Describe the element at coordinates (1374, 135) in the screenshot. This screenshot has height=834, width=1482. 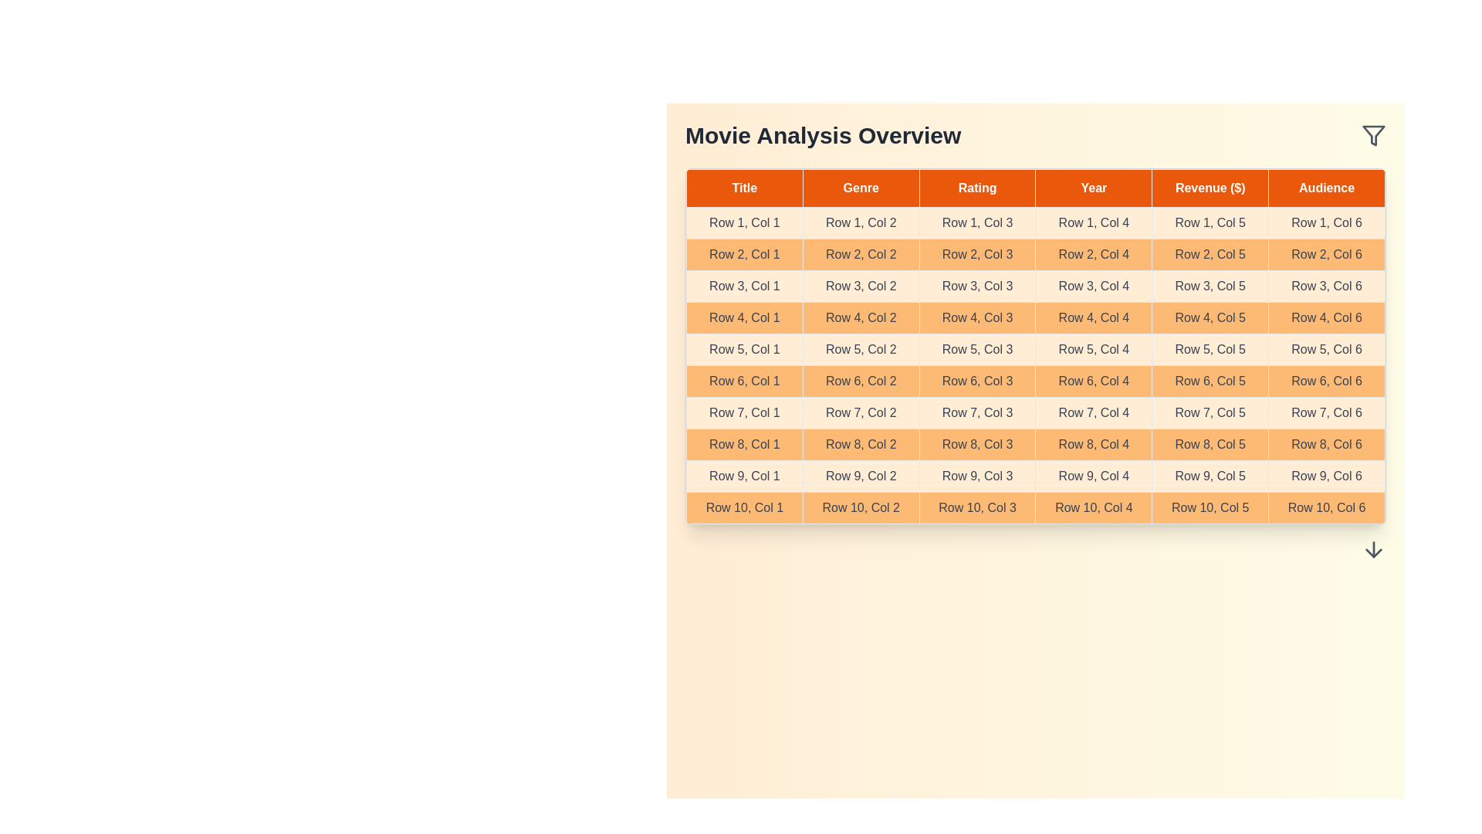
I see `the filter icon in the header of the MovieDataTable component` at that location.